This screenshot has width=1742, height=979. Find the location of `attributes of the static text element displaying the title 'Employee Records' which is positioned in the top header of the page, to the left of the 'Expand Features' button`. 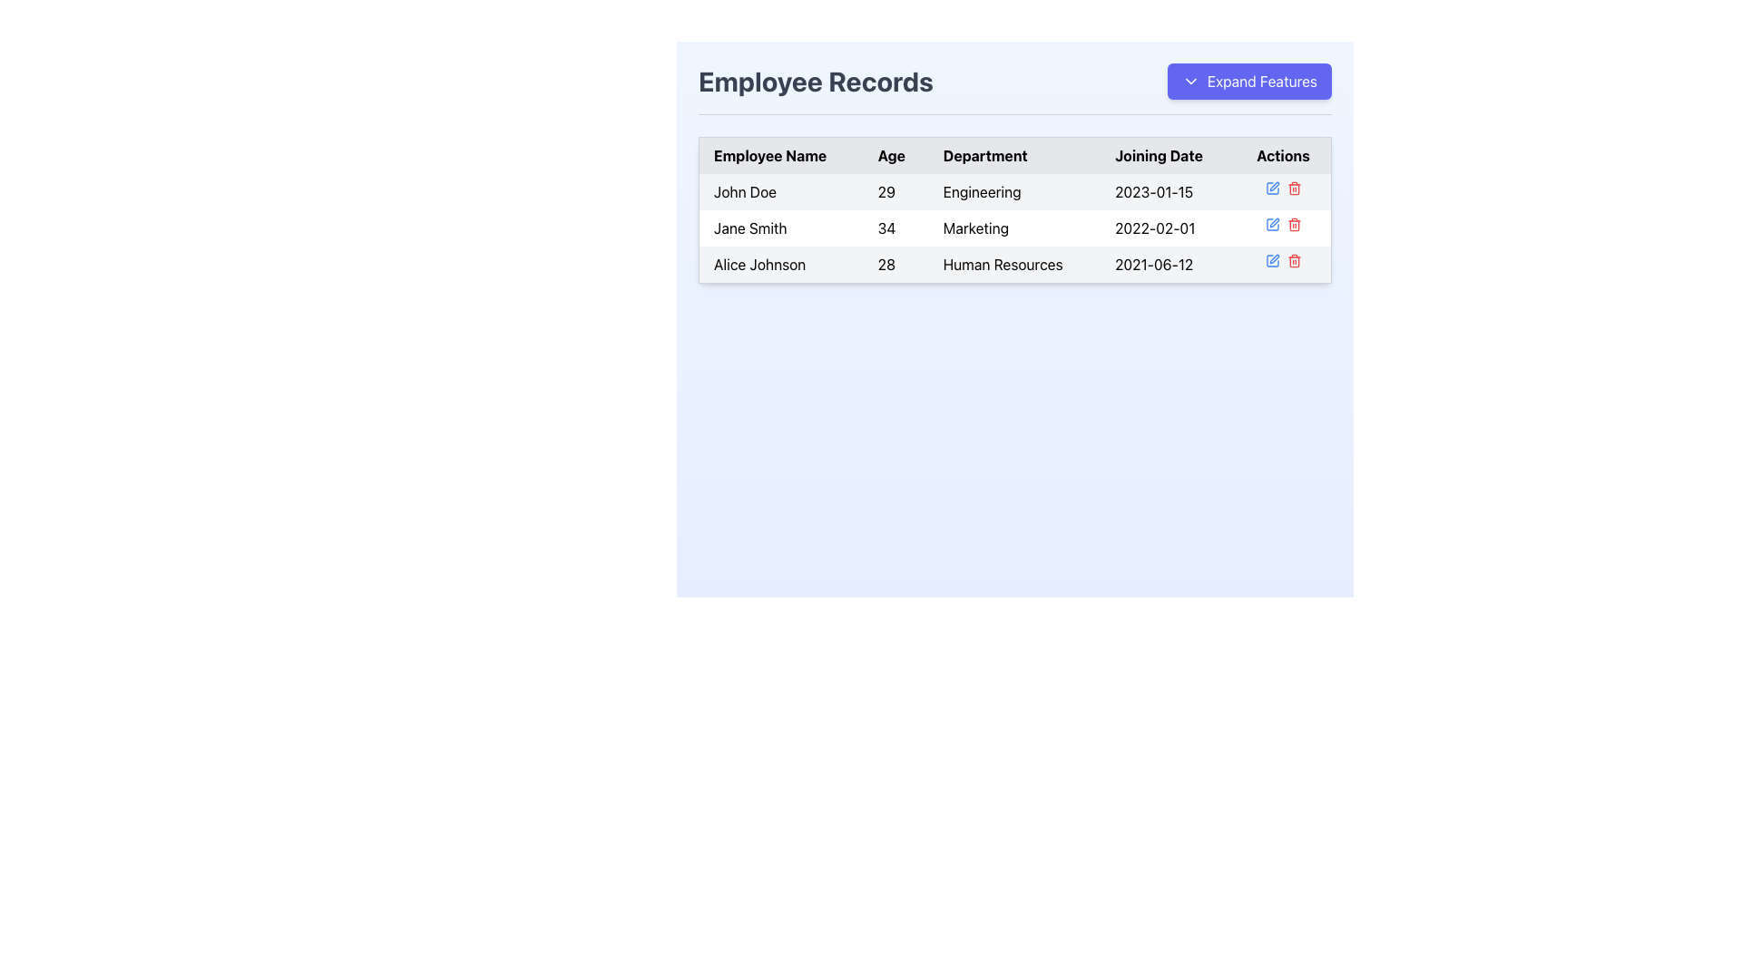

attributes of the static text element displaying the title 'Employee Records' which is positioned in the top header of the page, to the left of the 'Expand Features' button is located at coordinates (815, 80).